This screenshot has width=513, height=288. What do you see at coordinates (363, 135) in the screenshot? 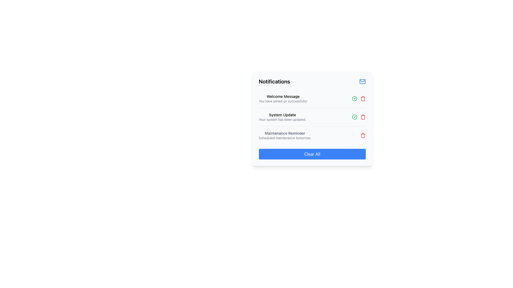
I see `the trash can icon representing the delete action in the notification interface` at bounding box center [363, 135].